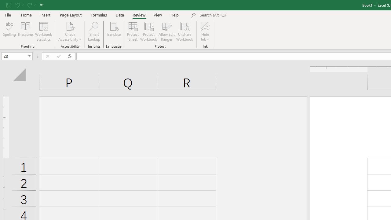 The image size is (391, 220). I want to click on 'More Options', so click(205, 37).